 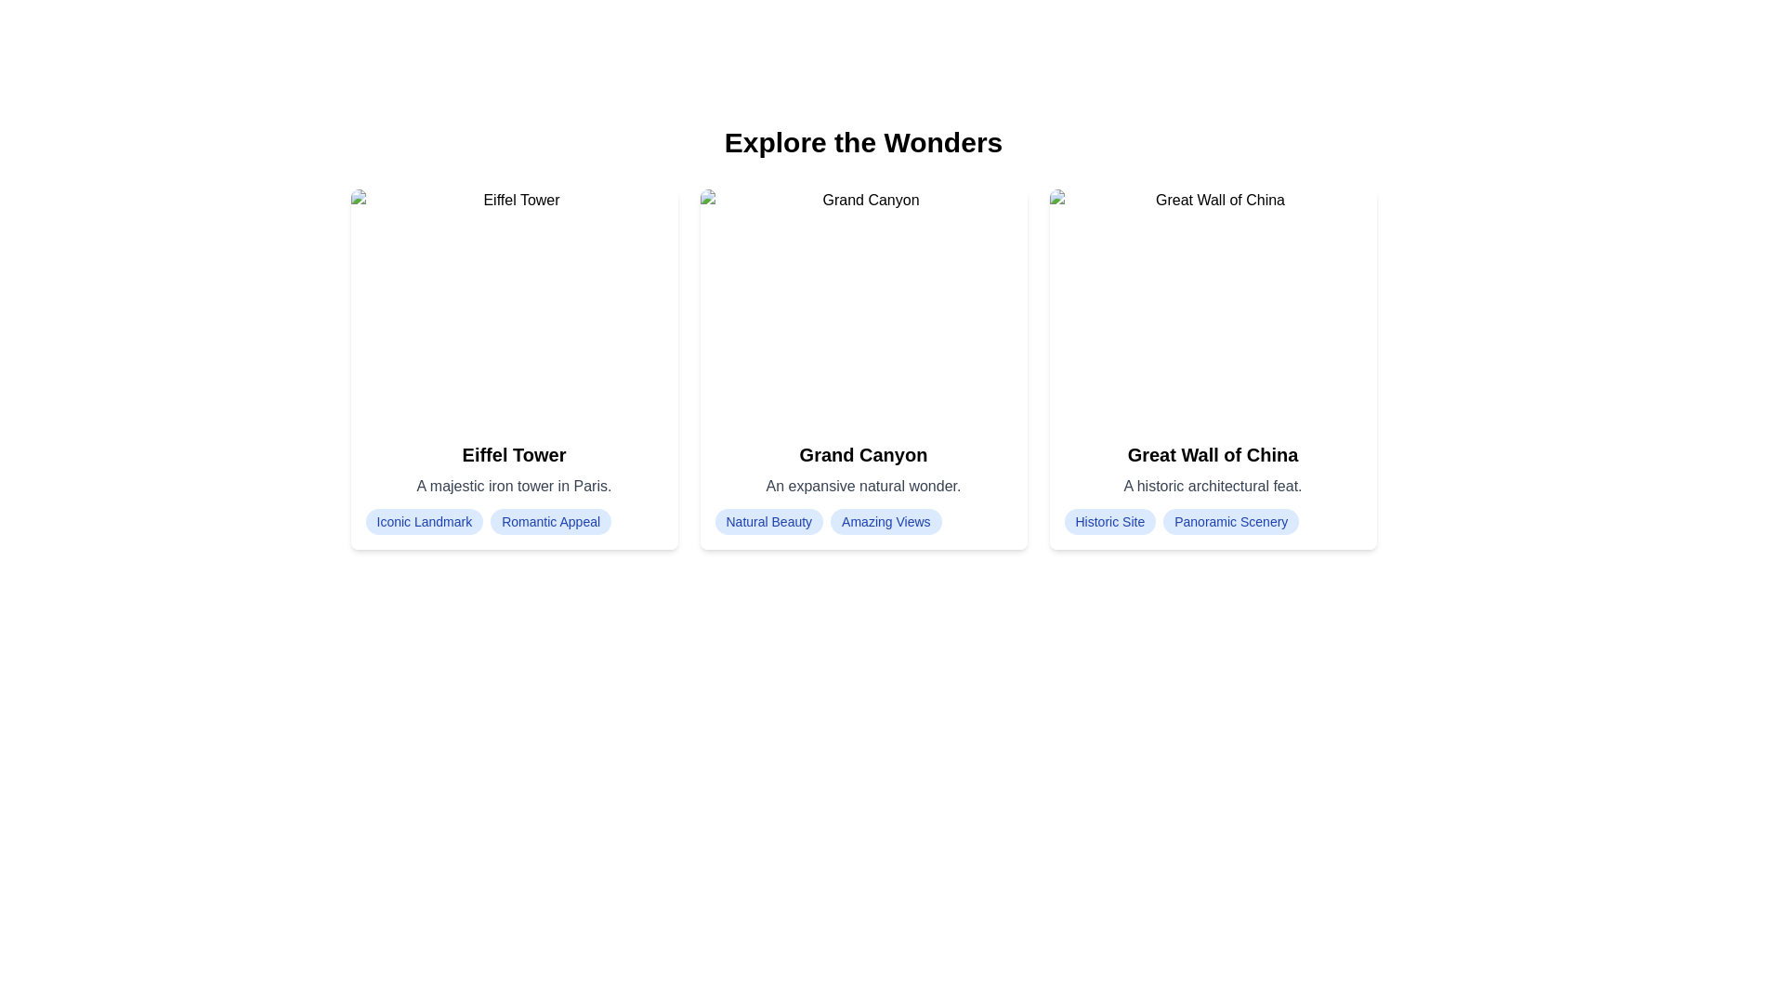 What do you see at coordinates (862, 515) in the screenshot?
I see `the circular button with a white background and an eye icon located at the bottom center of the 'Grand Canyon' card` at bounding box center [862, 515].